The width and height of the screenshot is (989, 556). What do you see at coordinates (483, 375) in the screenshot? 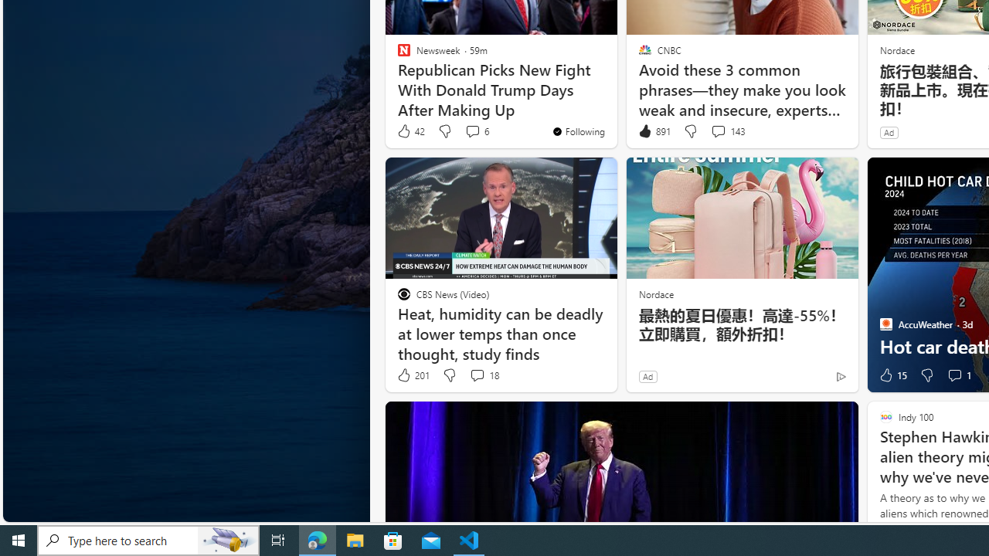
I see `'View comments 18 Comment'` at bounding box center [483, 375].